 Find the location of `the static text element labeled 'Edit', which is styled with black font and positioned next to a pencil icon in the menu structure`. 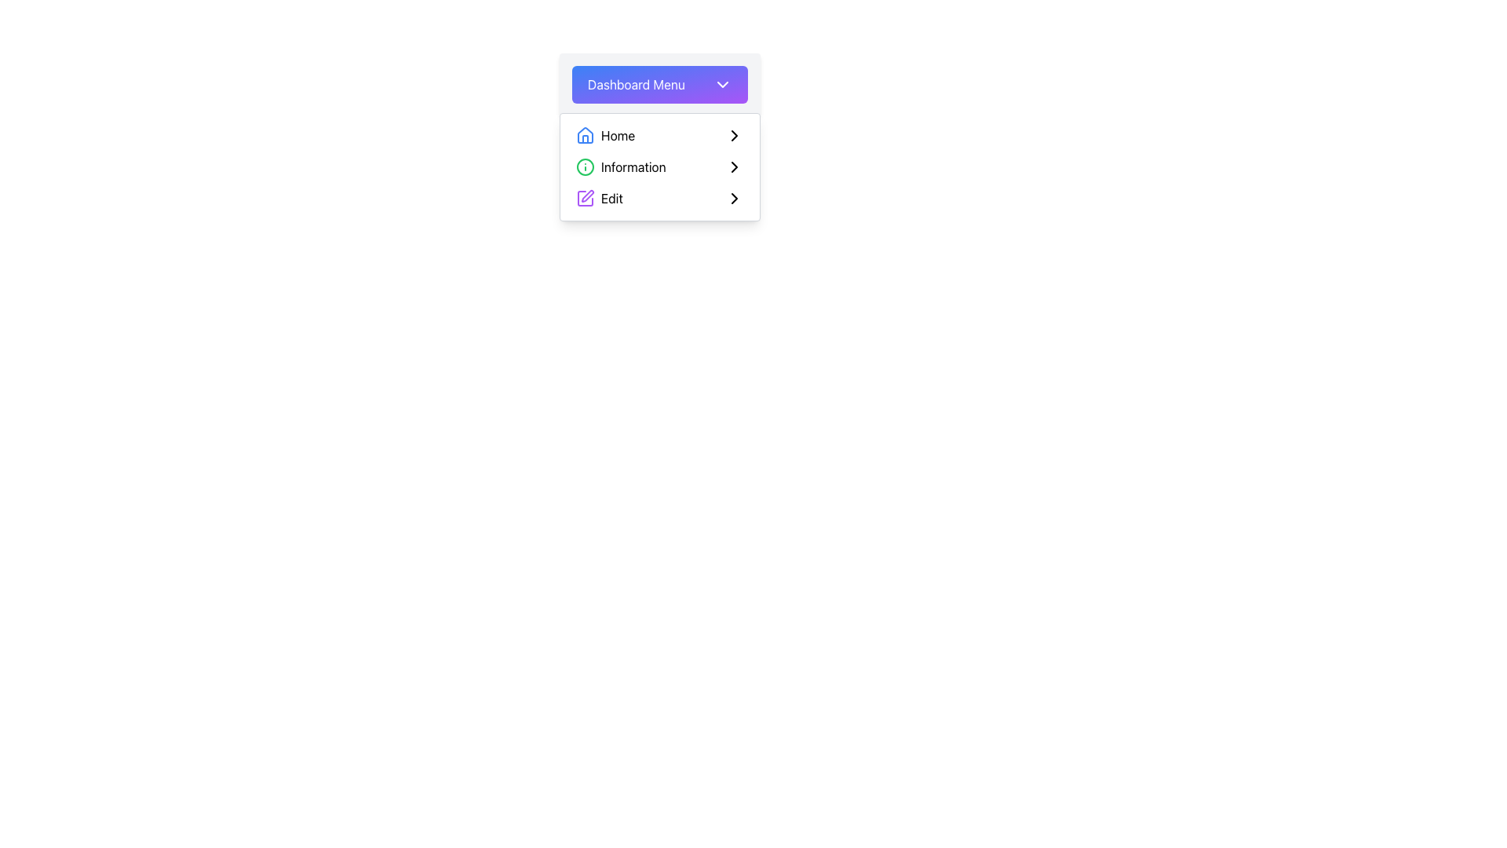

the static text element labeled 'Edit', which is styled with black font and positioned next to a pencil icon in the menu structure is located at coordinates (611, 198).